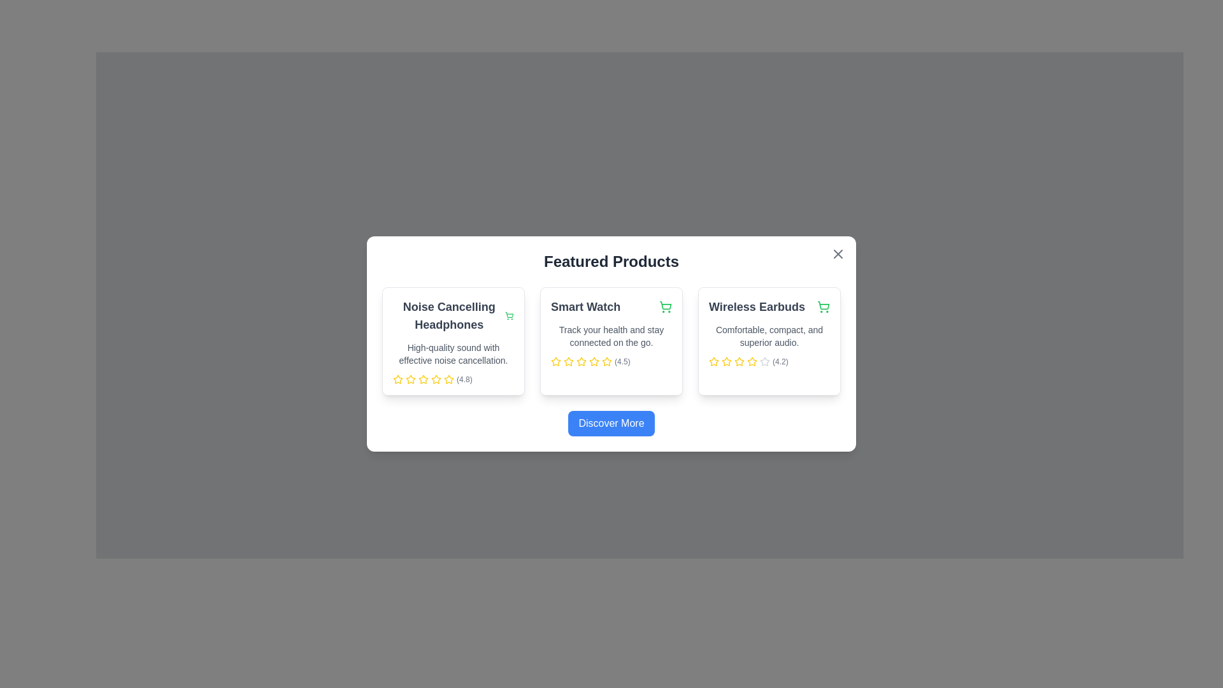 This screenshot has width=1223, height=688. Describe the element at coordinates (726, 361) in the screenshot. I see `the first star icon in the 5-star rating system under the product card for 'Wireless Earbuds' to interact with the rating` at that location.